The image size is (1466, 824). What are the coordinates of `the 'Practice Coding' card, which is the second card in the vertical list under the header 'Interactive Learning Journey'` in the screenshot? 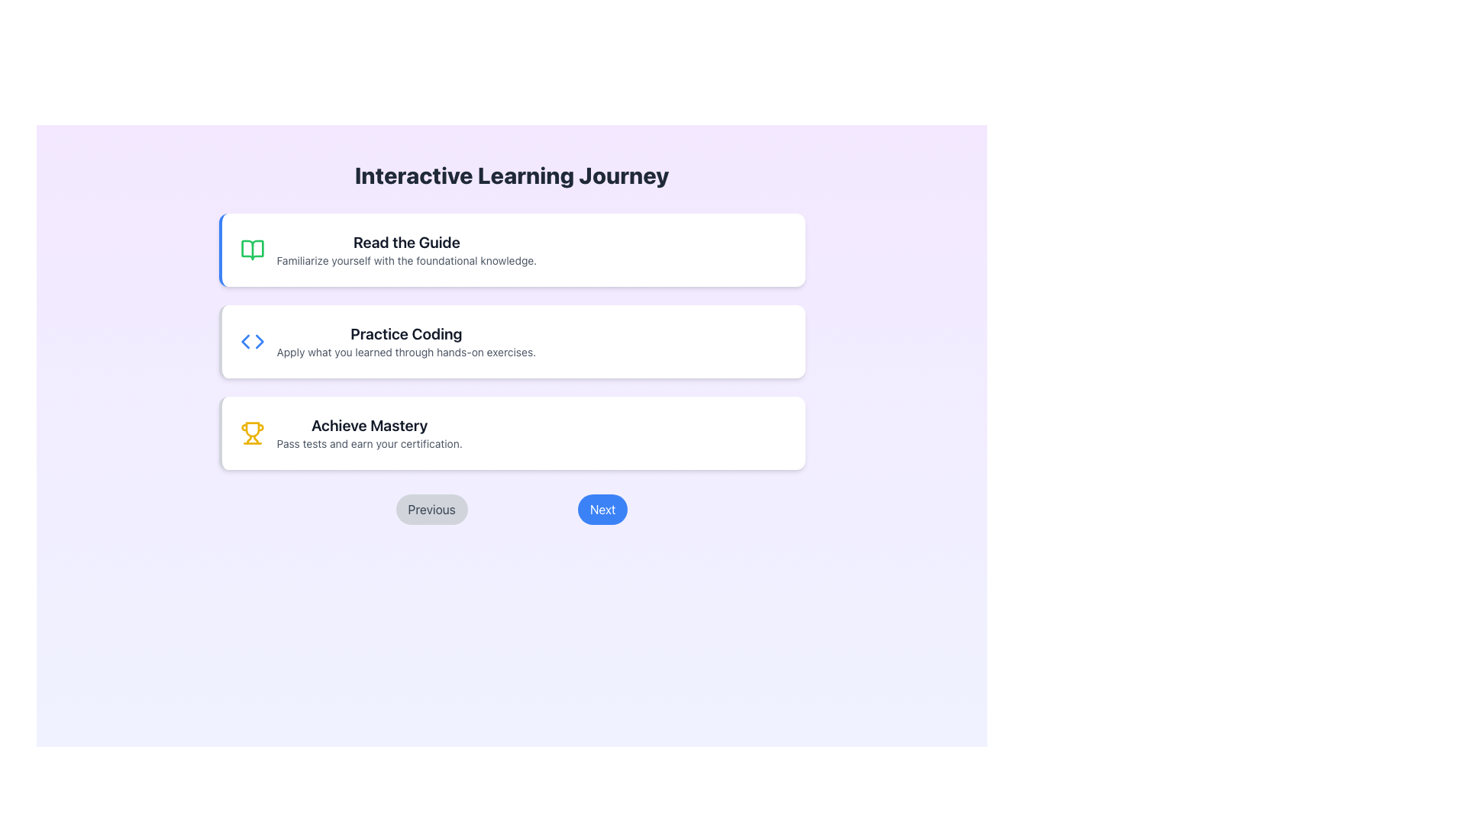 It's located at (512, 340).